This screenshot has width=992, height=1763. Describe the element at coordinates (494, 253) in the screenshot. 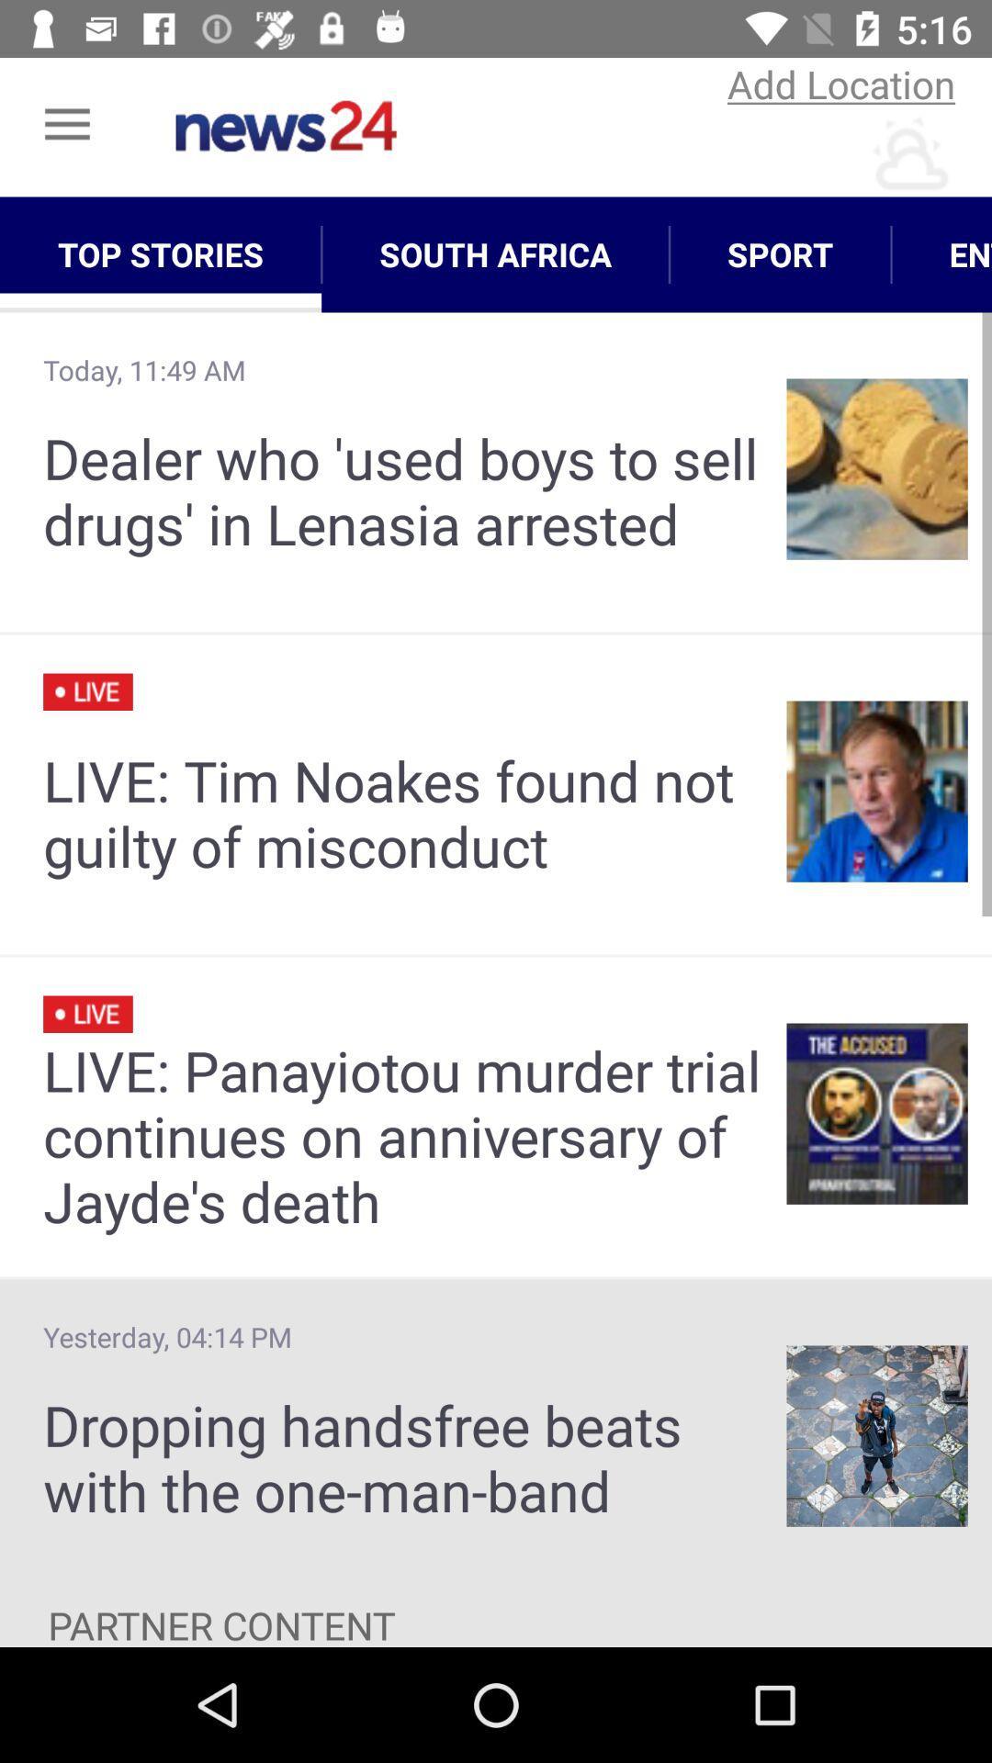

I see `app to the left of the sport icon` at that location.